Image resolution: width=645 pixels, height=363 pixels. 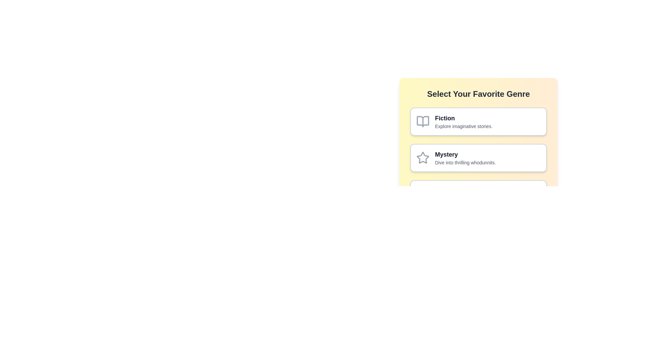 What do you see at coordinates (422, 122) in the screenshot?
I see `the open book icon located to the left of the 'Fiction' label in the vertical list of options` at bounding box center [422, 122].